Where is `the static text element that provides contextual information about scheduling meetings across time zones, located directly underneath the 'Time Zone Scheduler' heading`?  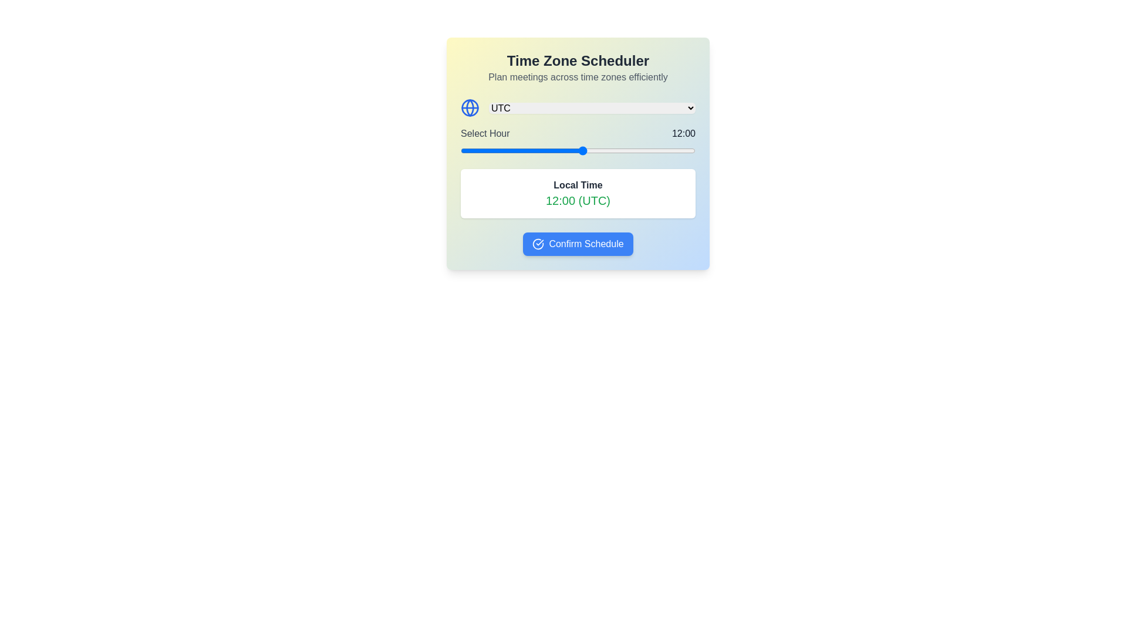 the static text element that provides contextual information about scheduling meetings across time zones, located directly underneath the 'Time Zone Scheduler' heading is located at coordinates (578, 77).